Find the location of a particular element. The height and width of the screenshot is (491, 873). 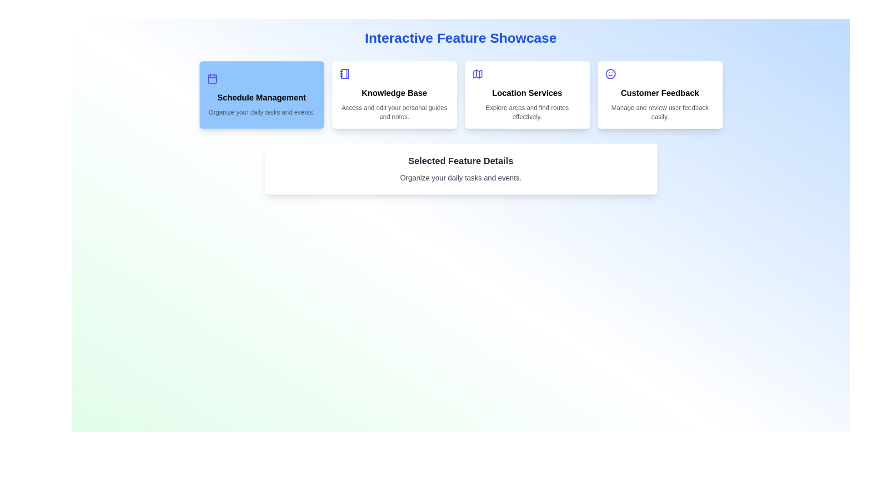

the descriptive label or subtitle located beneath the 'Knowledge Base' title within the bordered, rounded rectangular card is located at coordinates (394, 111).